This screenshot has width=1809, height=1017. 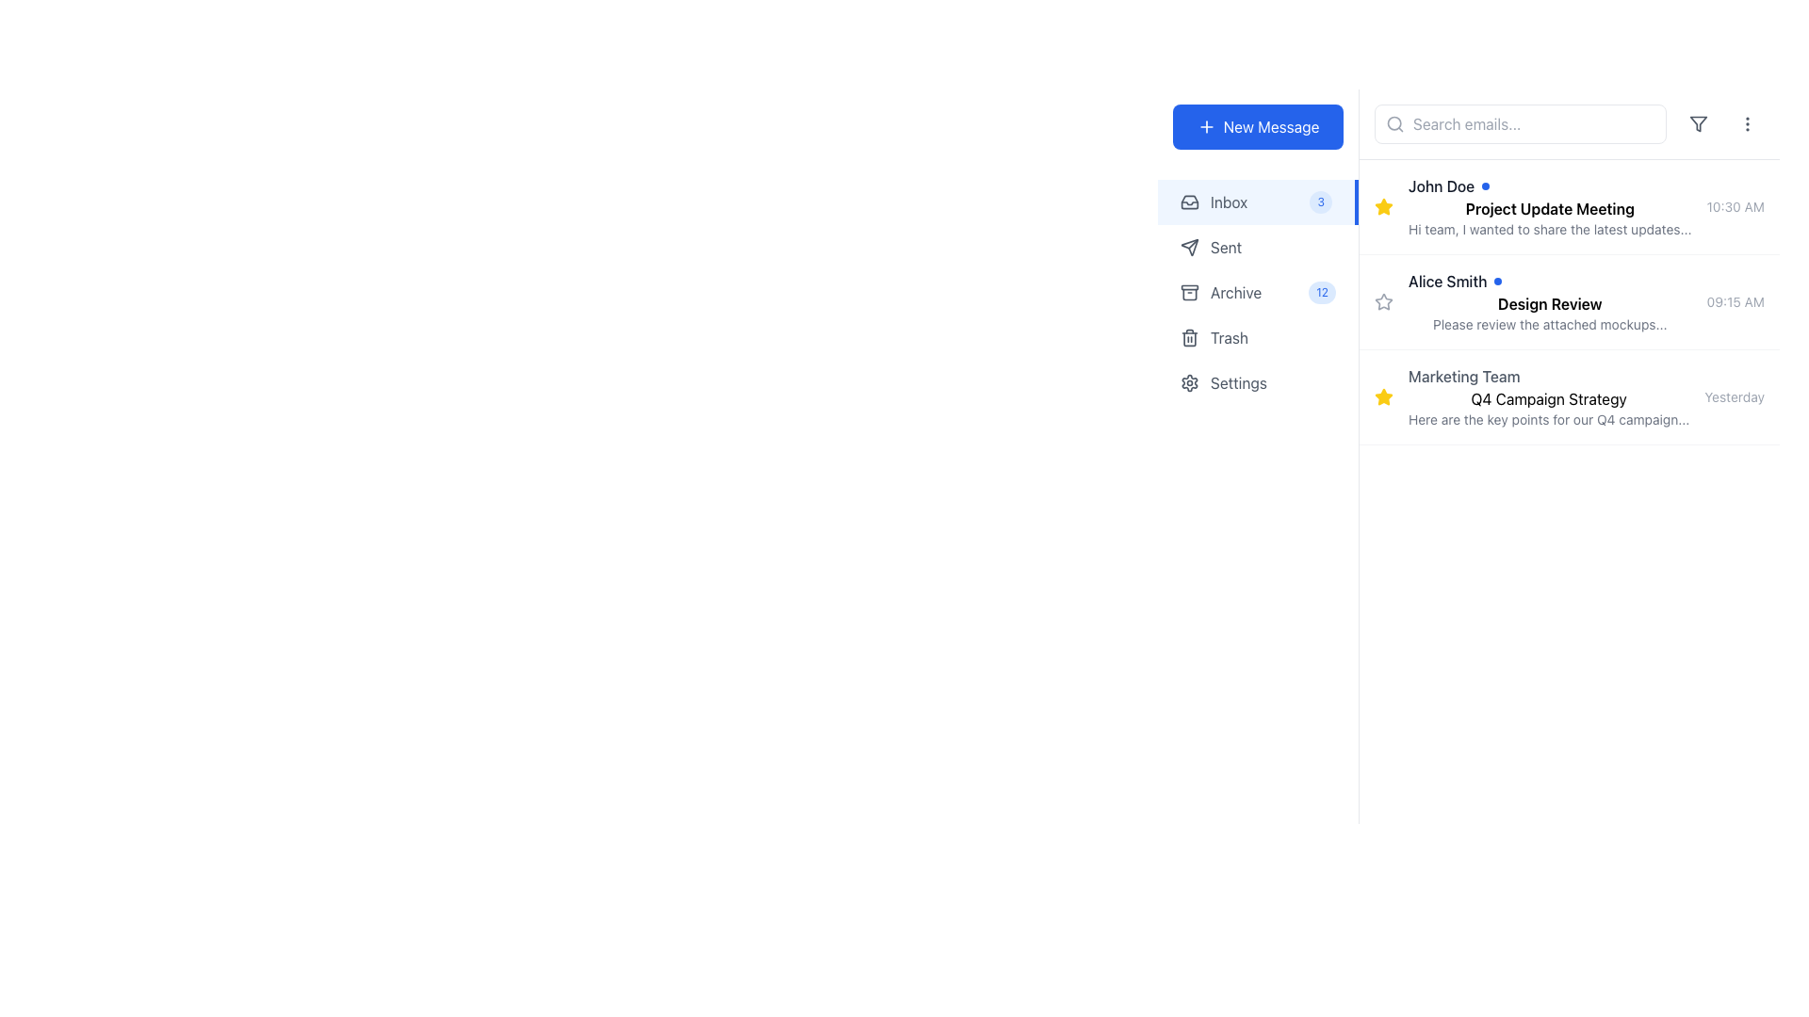 What do you see at coordinates (1550, 228) in the screenshot?
I see `the text component displaying the message summary 'Hi team, I wanted to share the latest updates...'` at bounding box center [1550, 228].